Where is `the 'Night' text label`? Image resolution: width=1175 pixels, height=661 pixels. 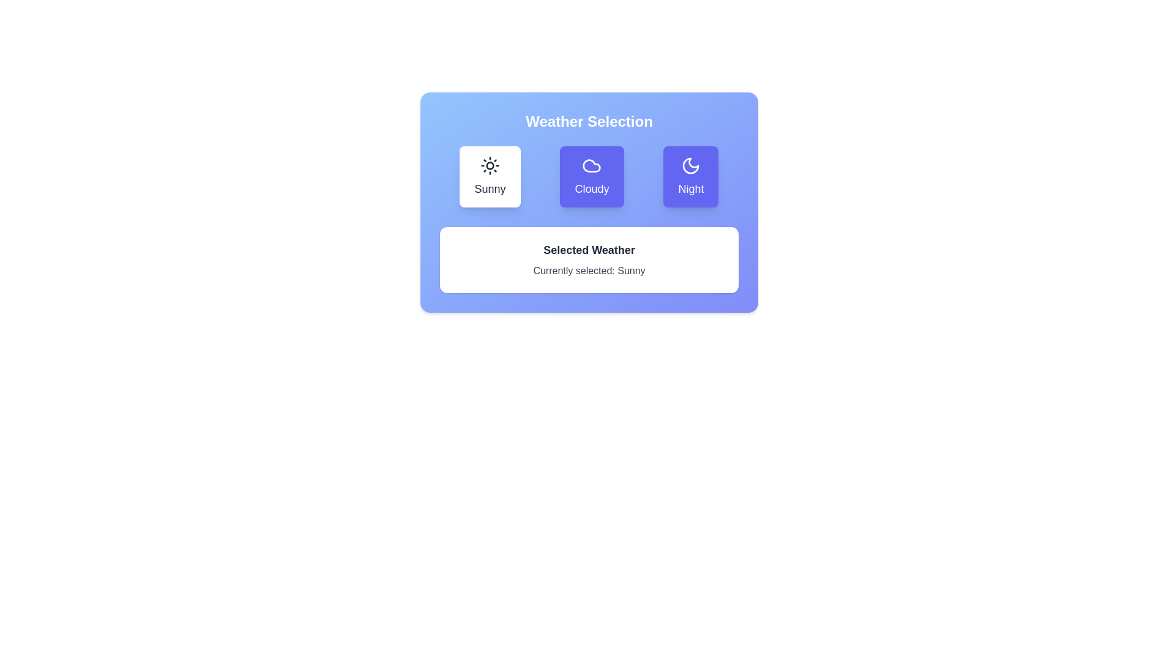 the 'Night' text label is located at coordinates (690, 189).